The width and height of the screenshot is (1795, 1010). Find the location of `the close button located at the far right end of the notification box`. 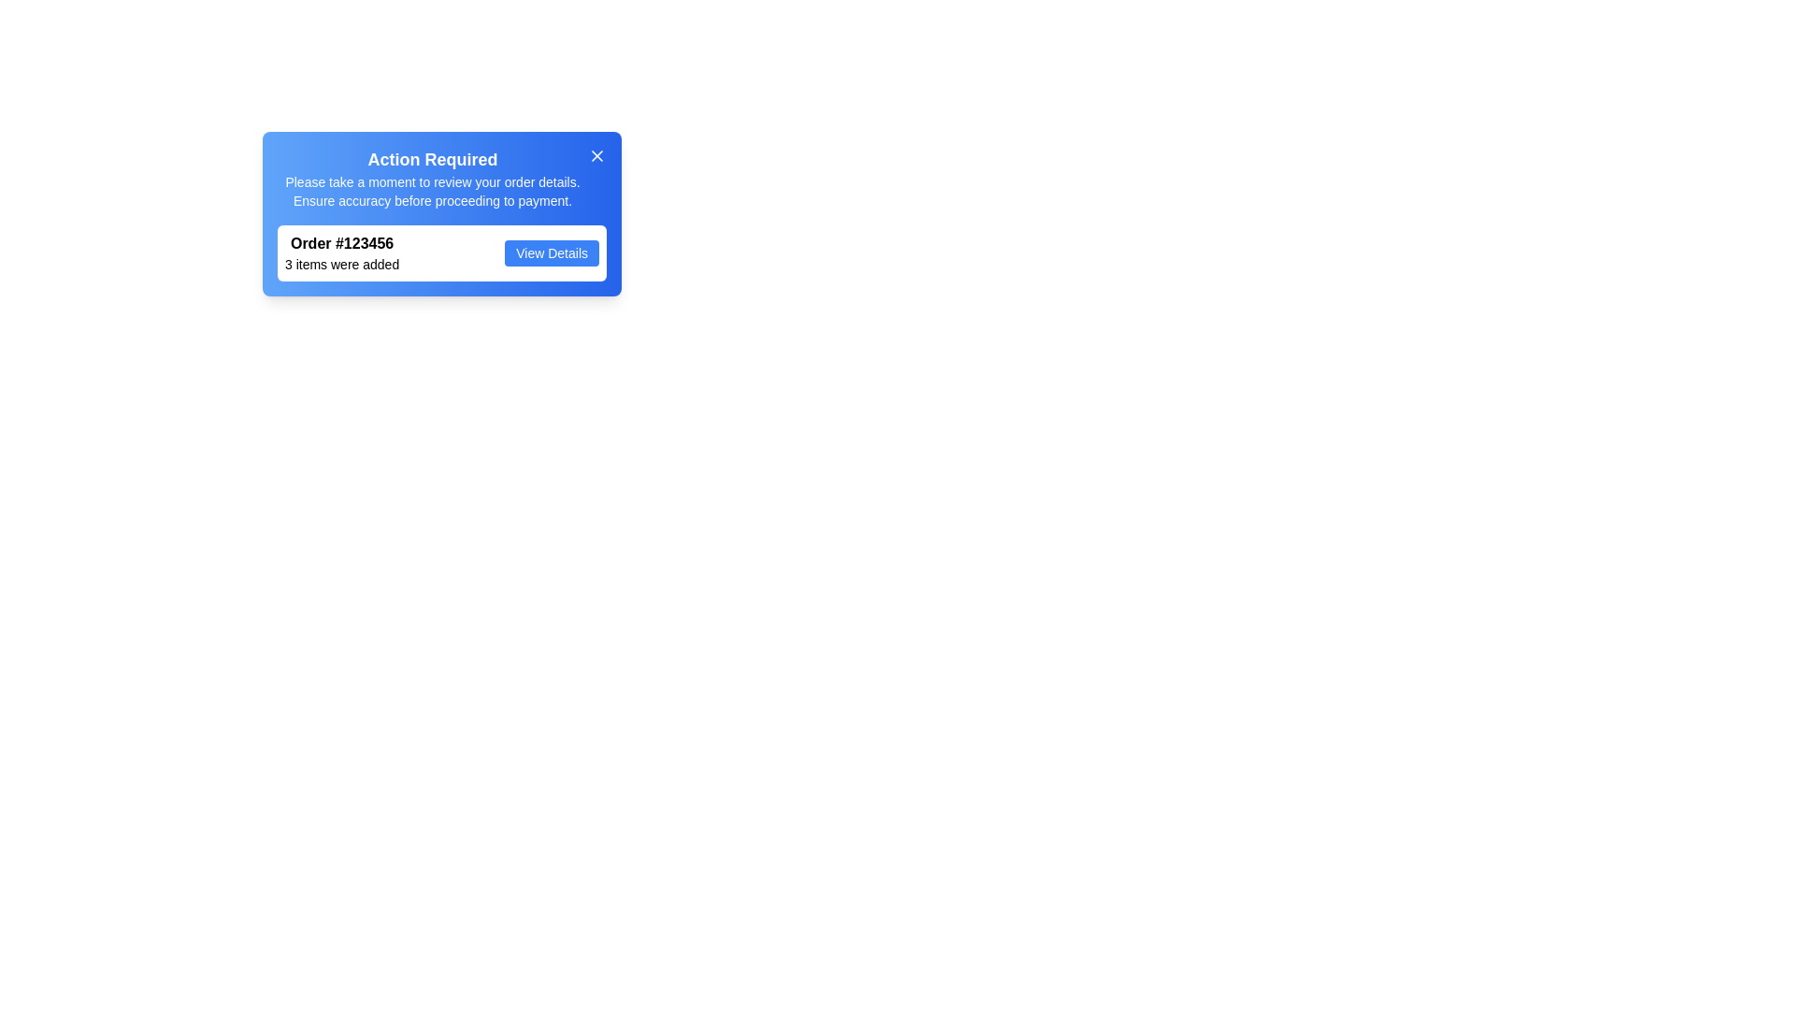

the close button located at the far right end of the notification box is located at coordinates (596, 154).